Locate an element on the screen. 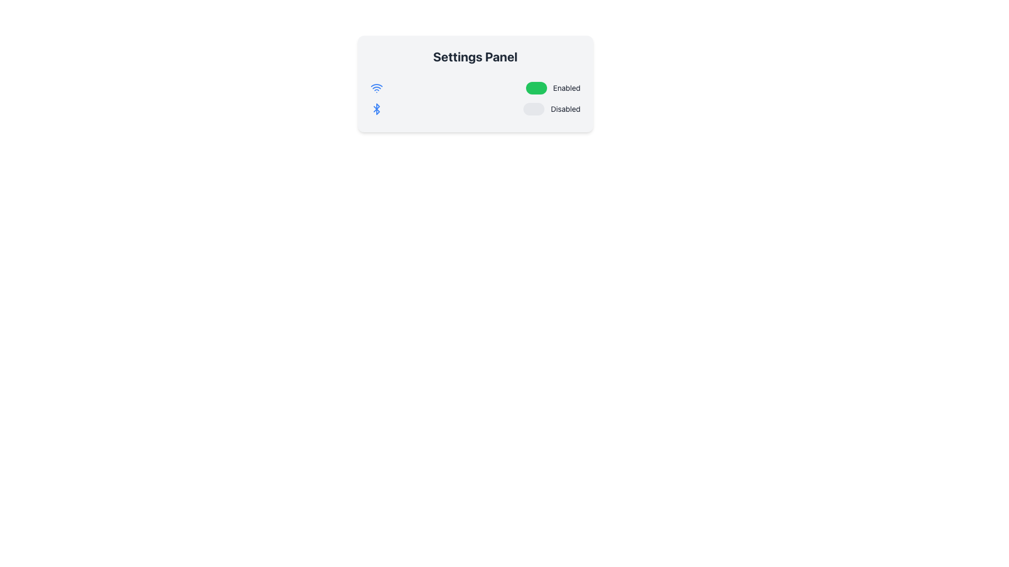  the light blue Bluetooth icon located to the left of the 'Disabled' toggle switch is located at coordinates (376, 109).